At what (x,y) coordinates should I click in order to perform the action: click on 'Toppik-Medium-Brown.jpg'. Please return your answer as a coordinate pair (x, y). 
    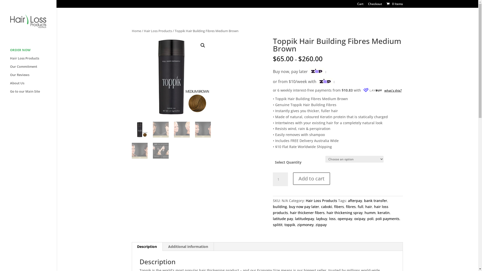
    Looking at the image, I should click on (171, 77).